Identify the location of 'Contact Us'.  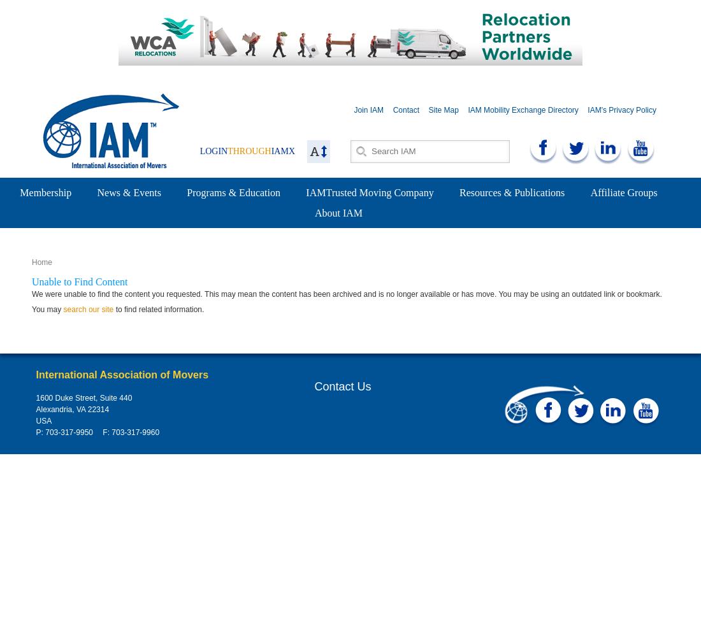
(342, 386).